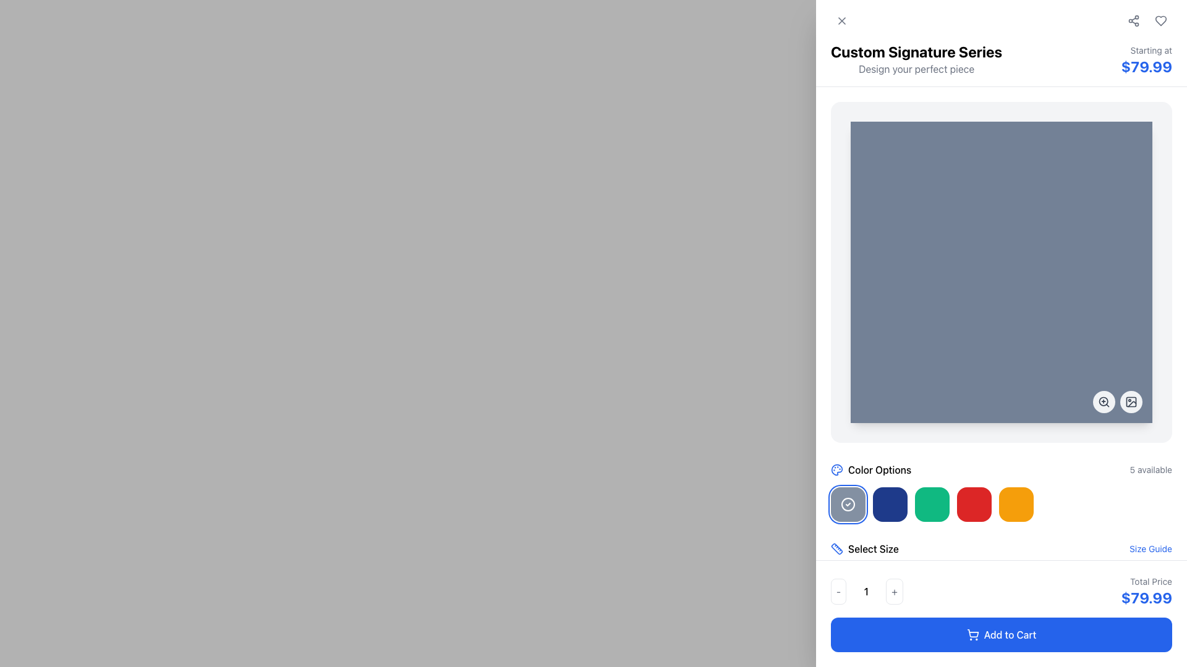 This screenshot has height=667, width=1187. What do you see at coordinates (836, 548) in the screenshot?
I see `the ruler tool icon, which is styled in blue and located directly to the left of the 'Select Size' label` at bounding box center [836, 548].